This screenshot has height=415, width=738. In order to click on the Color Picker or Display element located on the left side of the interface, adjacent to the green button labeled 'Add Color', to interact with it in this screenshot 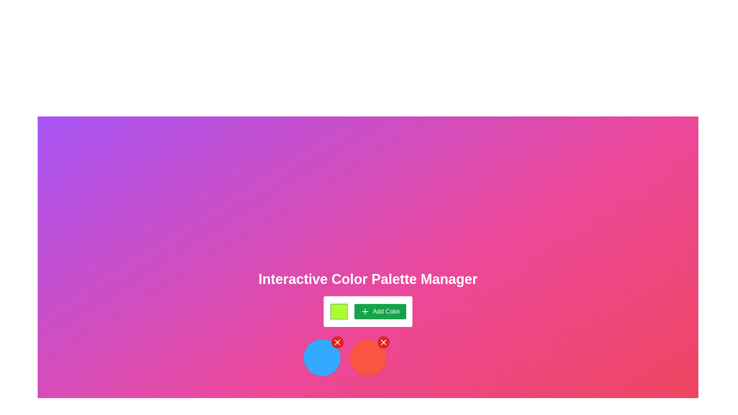, I will do `click(338, 311)`.